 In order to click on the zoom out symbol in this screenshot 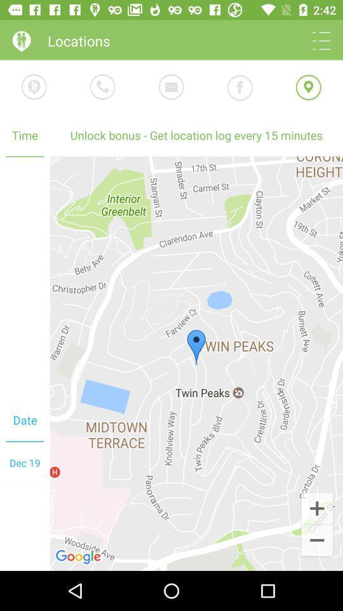, I will do `click(316, 540)`.